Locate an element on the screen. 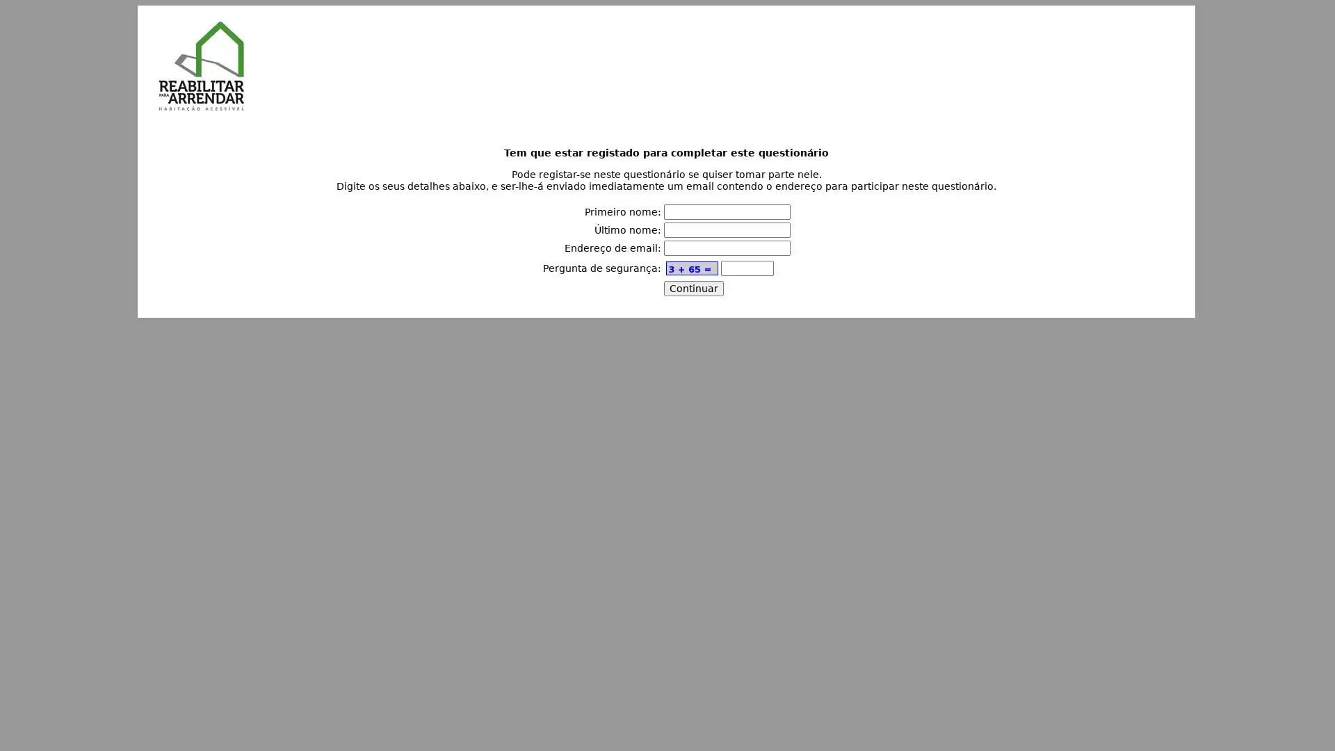 The width and height of the screenshot is (1335, 751). Continuar is located at coordinates (693, 288).